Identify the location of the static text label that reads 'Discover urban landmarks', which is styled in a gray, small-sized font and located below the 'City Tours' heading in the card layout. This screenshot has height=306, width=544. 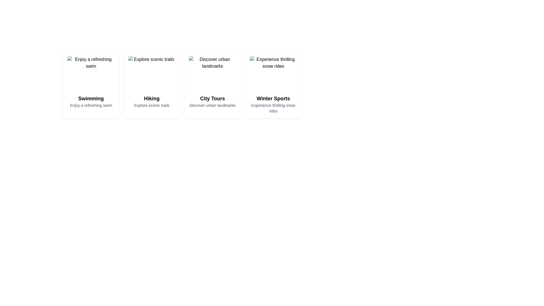
(212, 105).